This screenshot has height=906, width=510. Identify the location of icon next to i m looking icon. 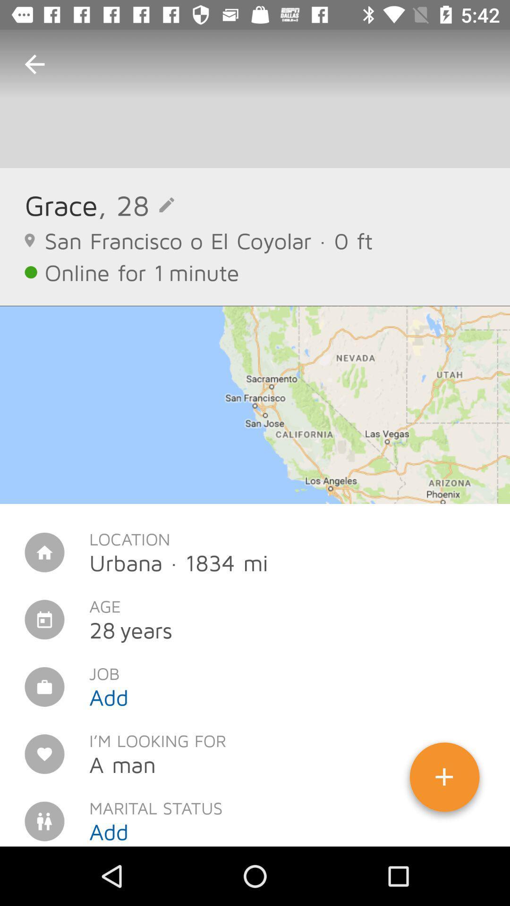
(444, 780).